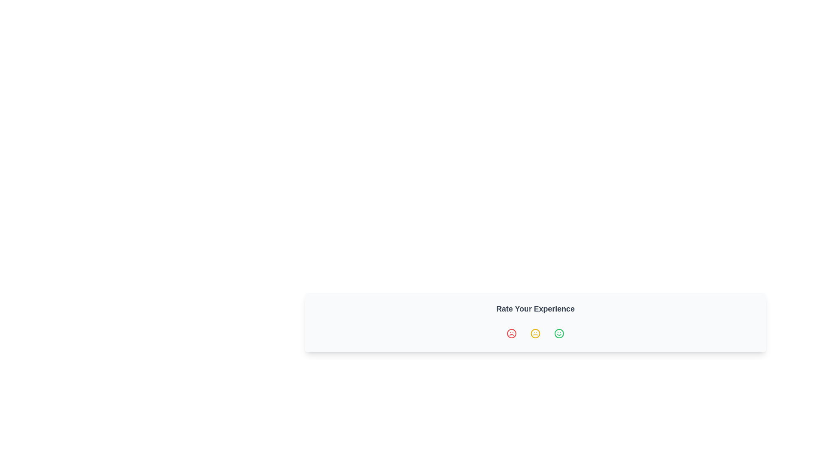 The height and width of the screenshot is (459, 816). What do you see at coordinates (535, 333) in the screenshot?
I see `the circular icon button with a yellow outline and two small dots inside, which represents a neutral rating` at bounding box center [535, 333].